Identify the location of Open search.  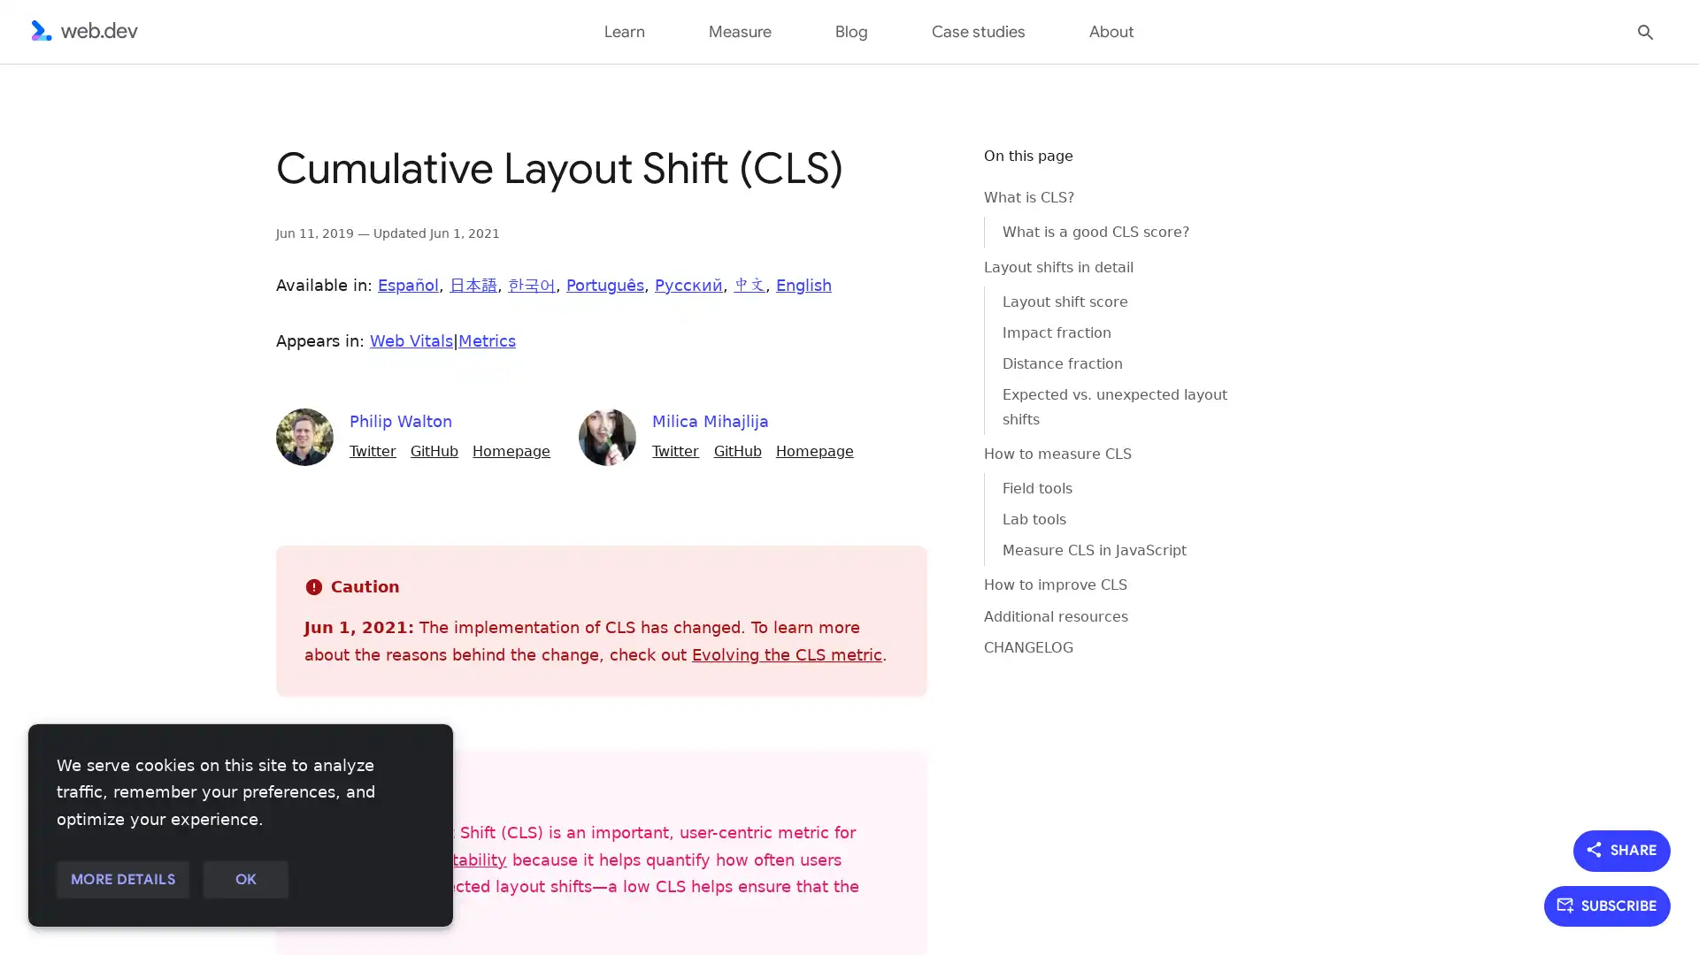
(1645, 30).